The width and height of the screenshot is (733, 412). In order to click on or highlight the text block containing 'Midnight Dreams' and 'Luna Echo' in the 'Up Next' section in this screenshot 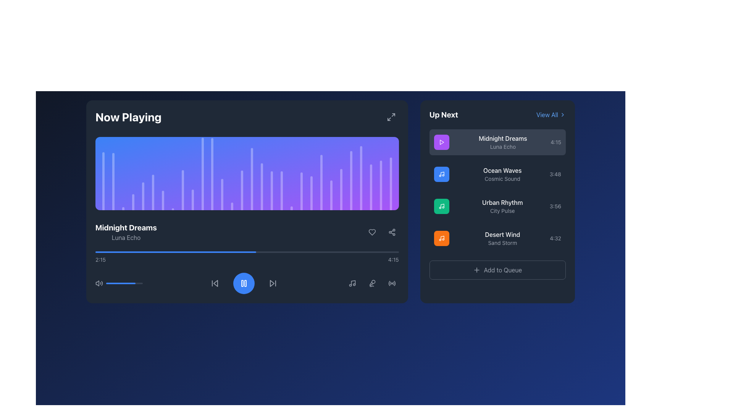, I will do `click(503, 142)`.